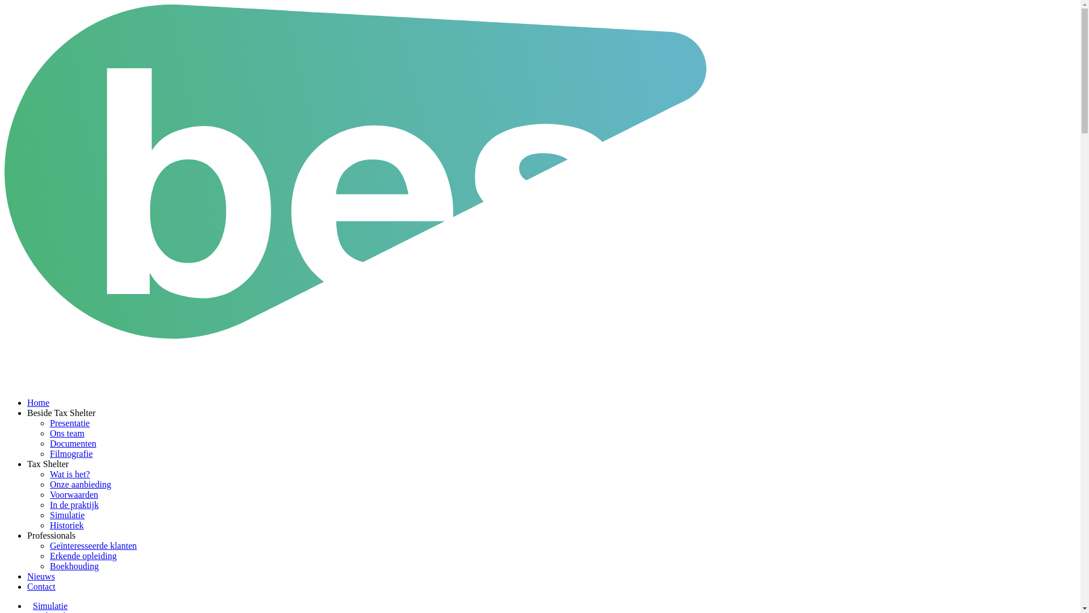 The width and height of the screenshot is (1089, 613). What do you see at coordinates (49, 555) in the screenshot?
I see `'Erkende opleiding'` at bounding box center [49, 555].